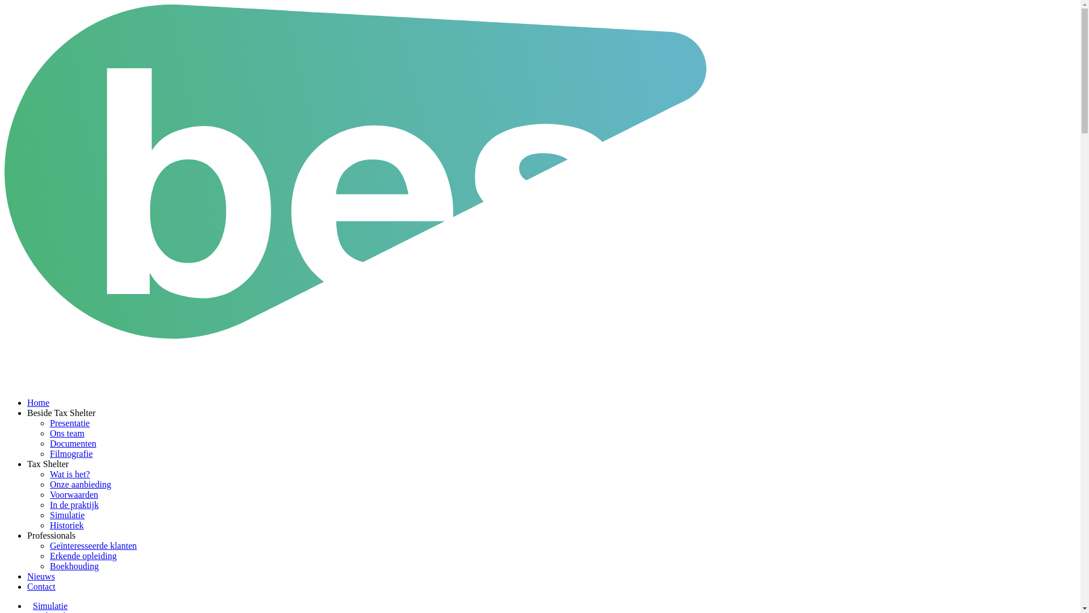 The width and height of the screenshot is (1089, 613). What do you see at coordinates (49, 555) in the screenshot?
I see `'Erkende opleiding'` at bounding box center [49, 555].